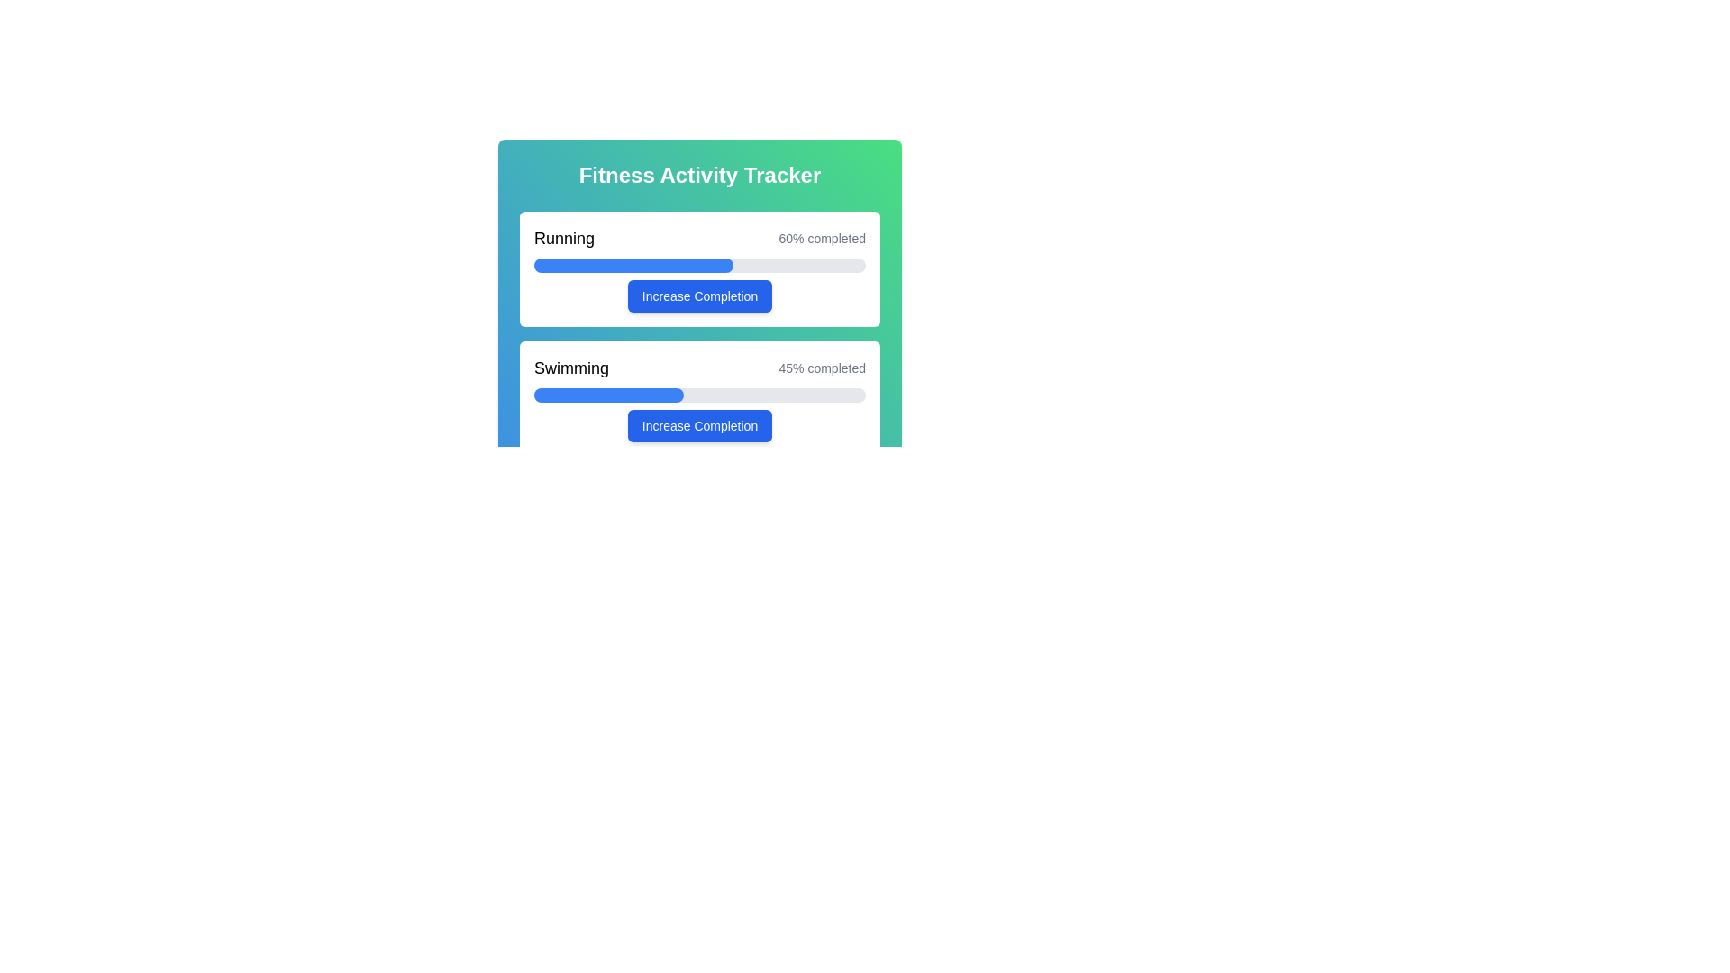  Describe the element at coordinates (821, 367) in the screenshot. I see `completion percentage displayed in the text label showing '45% completed', which is aligned to the right of the 'Swimming' text in the second progress block under the 'Fitness Activity Tracker' heading` at that location.